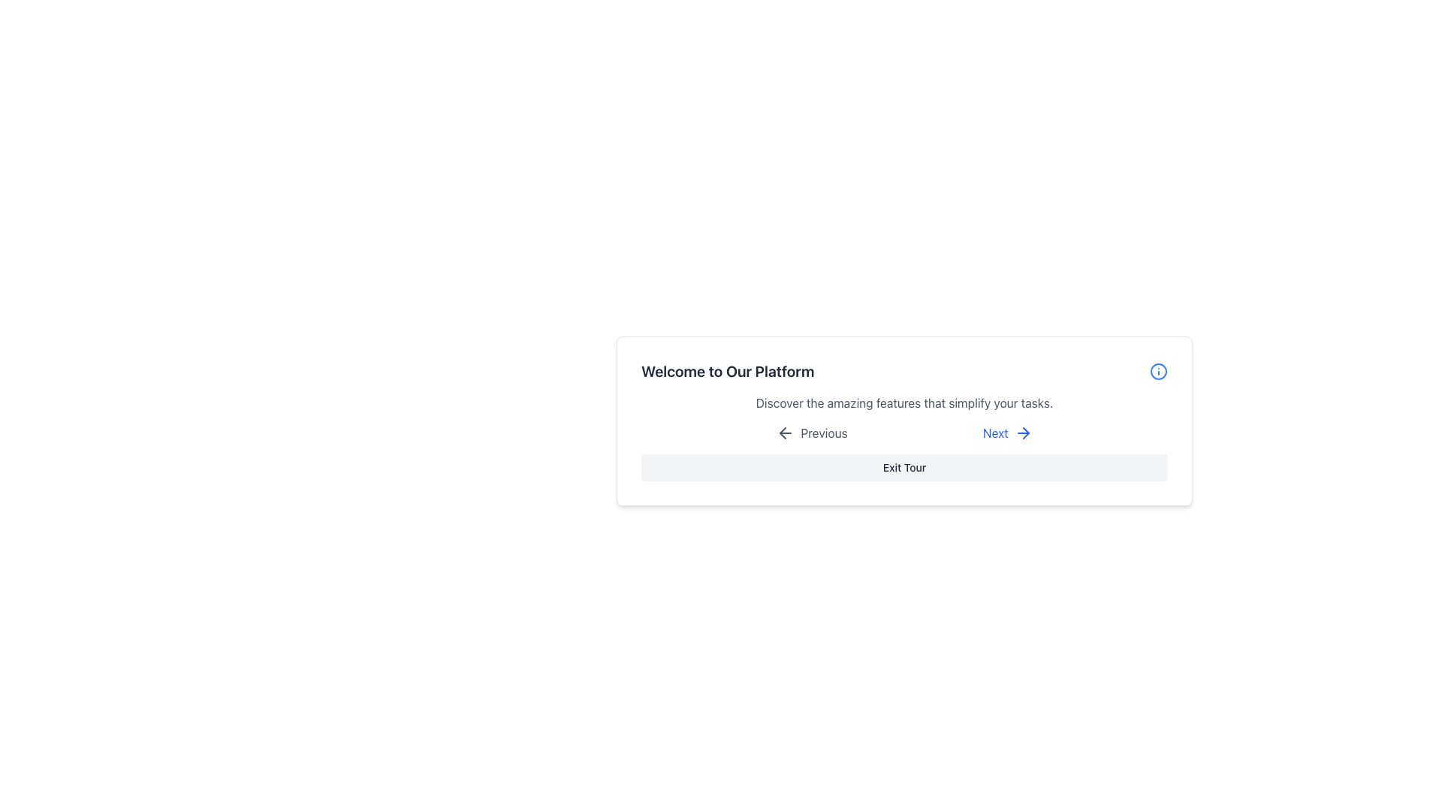 This screenshot has height=811, width=1442. I want to click on text from the navigation label that indicates the function to navigate to the previous step in the sequence, located in the navigation bar below the main content of the modal window, immediately to the right of the left-pointing arrow icon, so click(823, 433).